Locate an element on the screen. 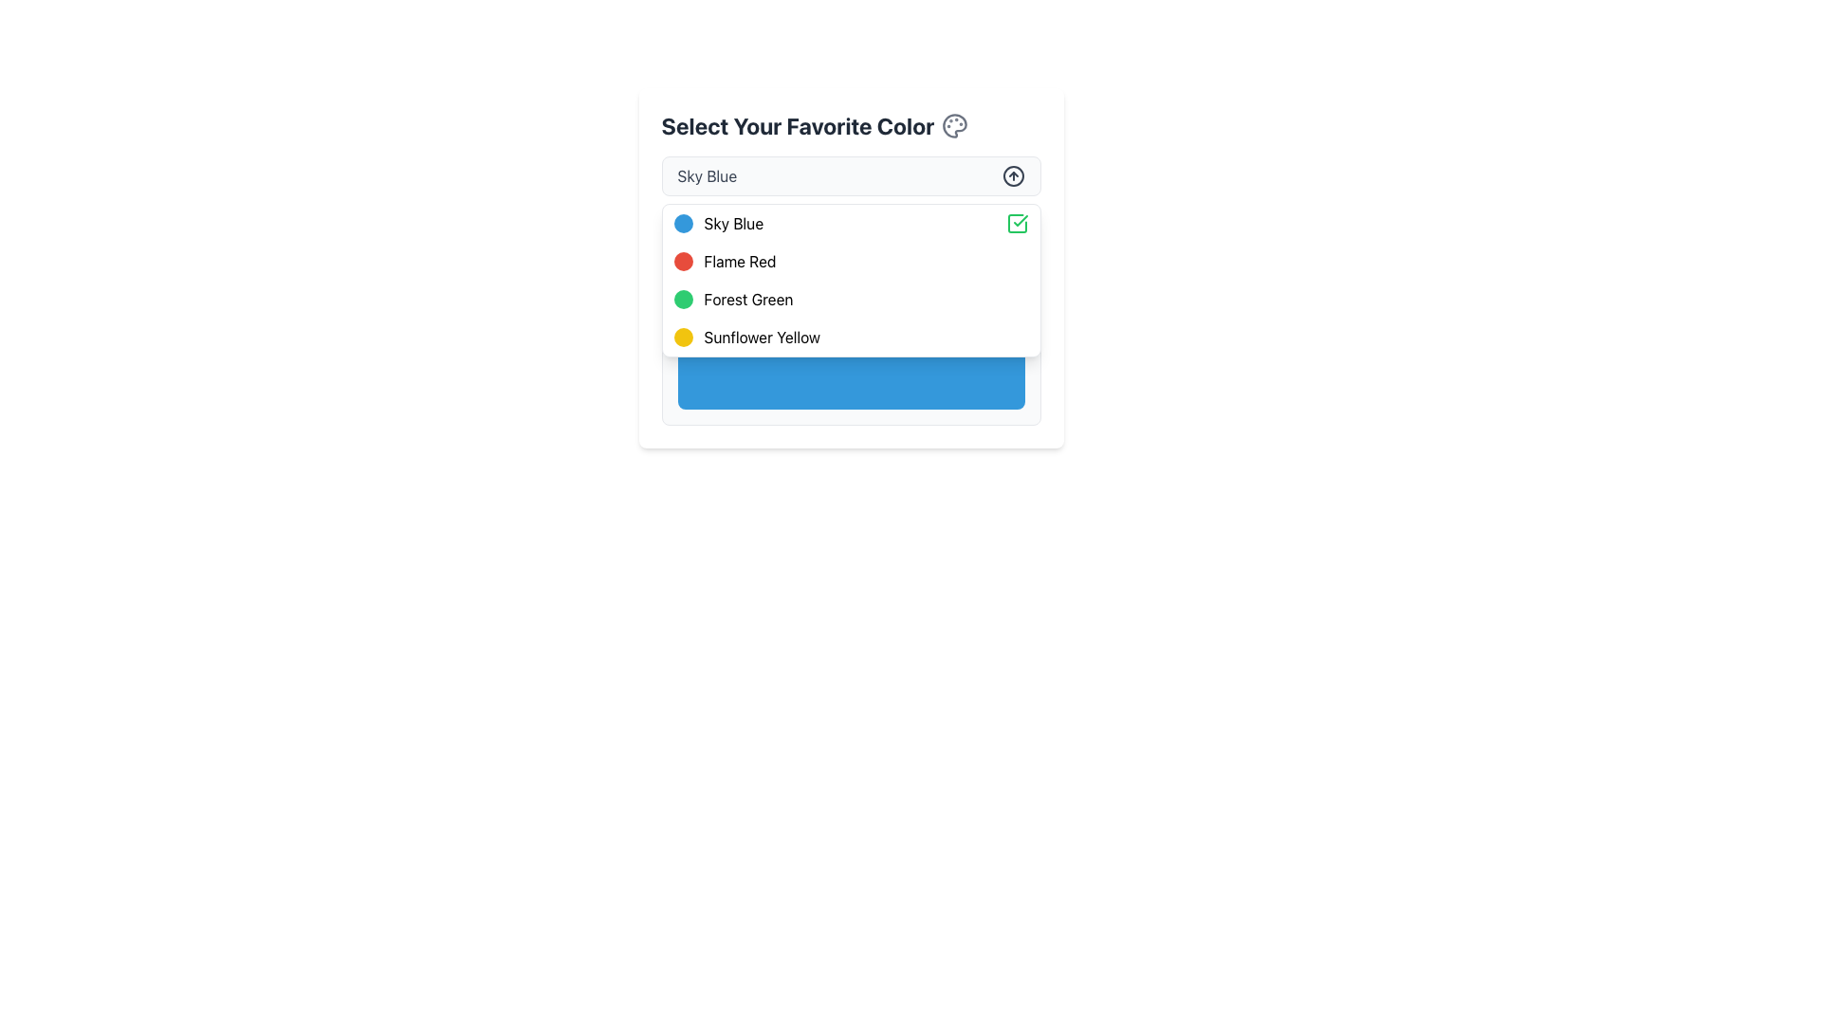  the blue circular Color Indicator element associated with the 'Sky Blue' label is located at coordinates (683, 222).